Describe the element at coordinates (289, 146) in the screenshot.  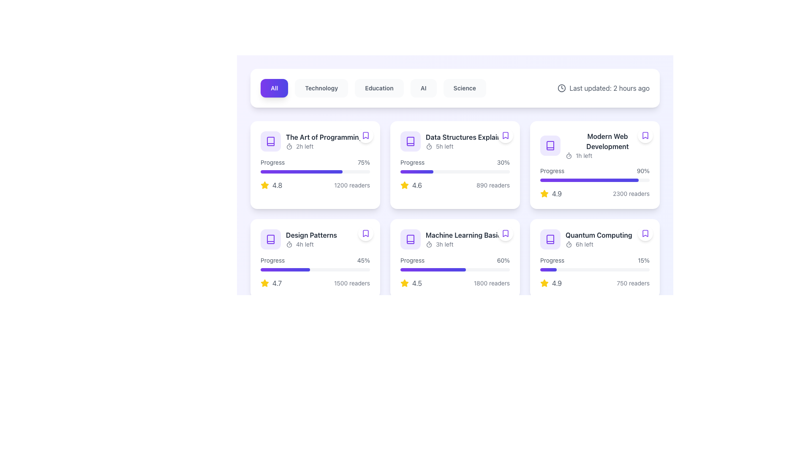
I see `the graphic/icon representing the time remaining, which is positioned to the left of the '2h left' label in the card for 'The Art of Programming'` at that location.